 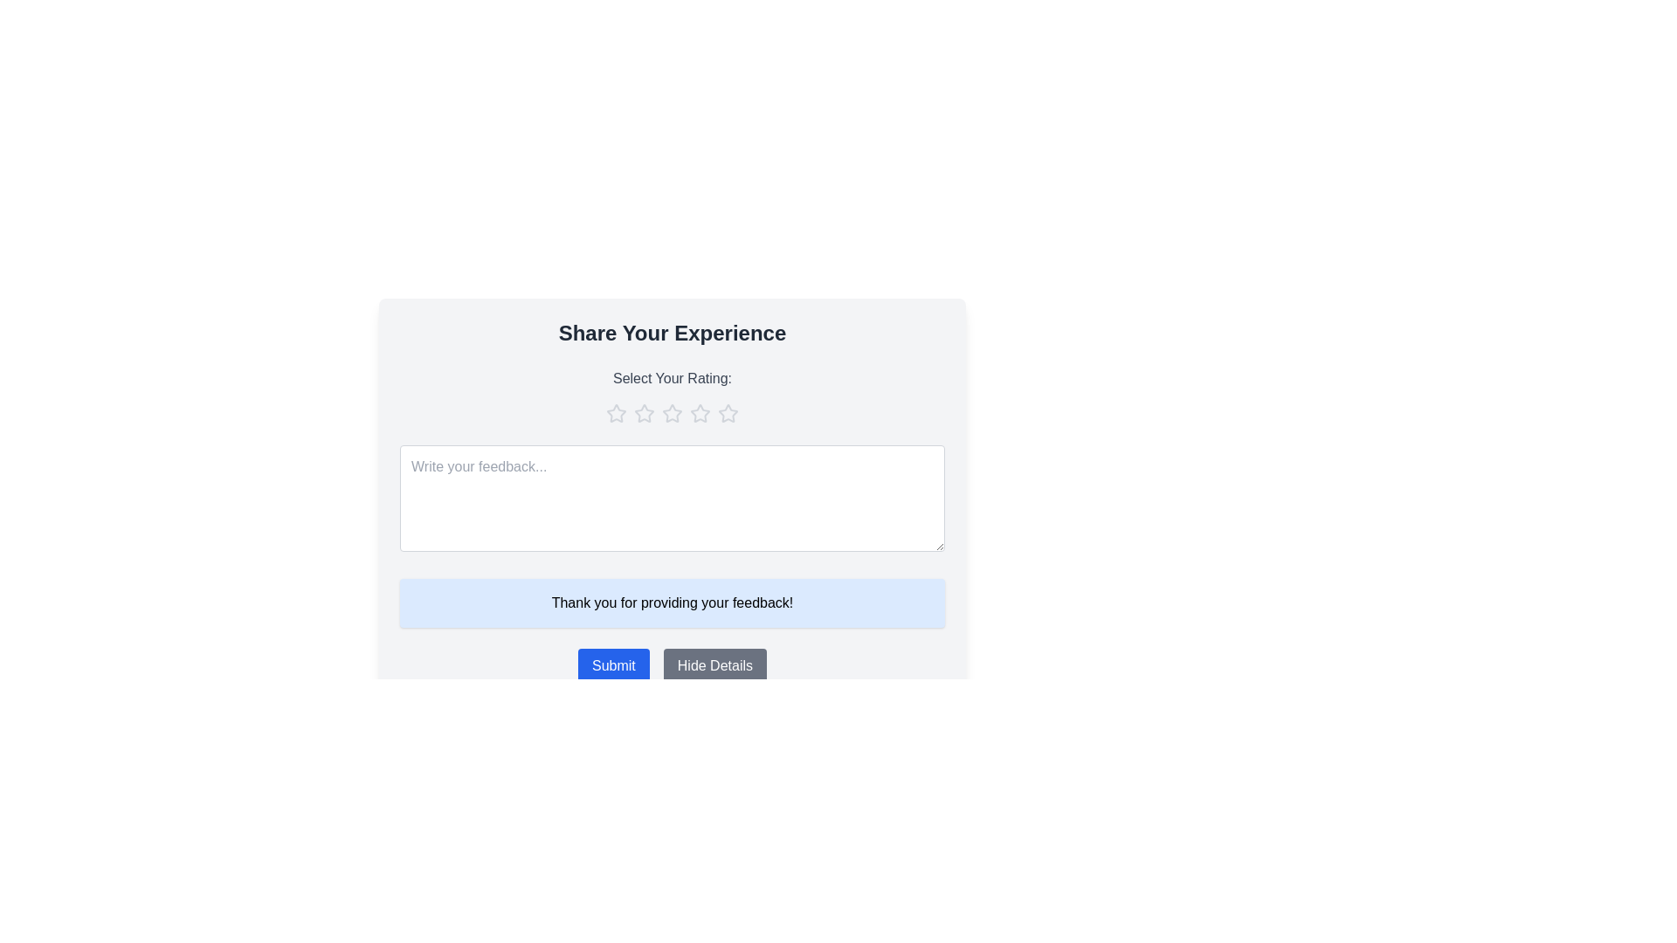 I want to click on the third star-shaped rating icon in the 'Select Your Rating:' section, so click(x=700, y=413).